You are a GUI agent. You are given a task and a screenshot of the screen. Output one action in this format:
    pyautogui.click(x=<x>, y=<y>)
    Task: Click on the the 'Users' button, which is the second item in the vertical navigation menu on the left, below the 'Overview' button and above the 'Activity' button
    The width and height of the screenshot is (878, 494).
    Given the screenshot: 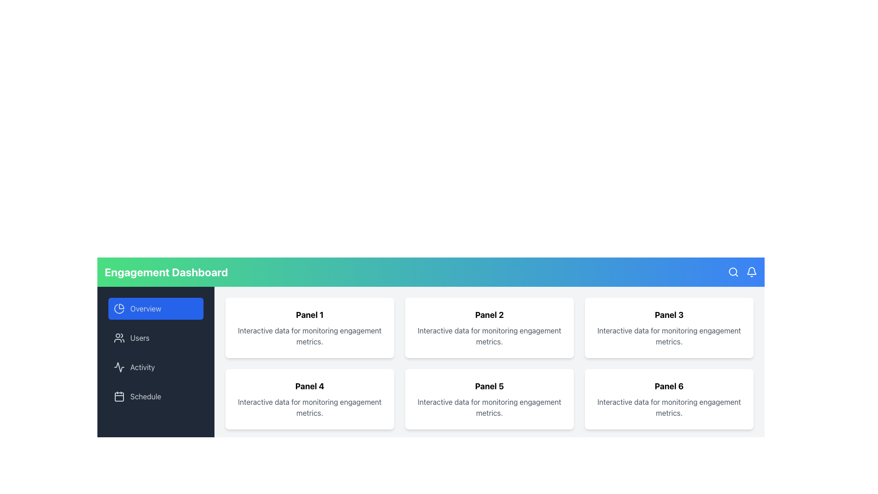 What is the action you would take?
    pyautogui.click(x=155, y=338)
    